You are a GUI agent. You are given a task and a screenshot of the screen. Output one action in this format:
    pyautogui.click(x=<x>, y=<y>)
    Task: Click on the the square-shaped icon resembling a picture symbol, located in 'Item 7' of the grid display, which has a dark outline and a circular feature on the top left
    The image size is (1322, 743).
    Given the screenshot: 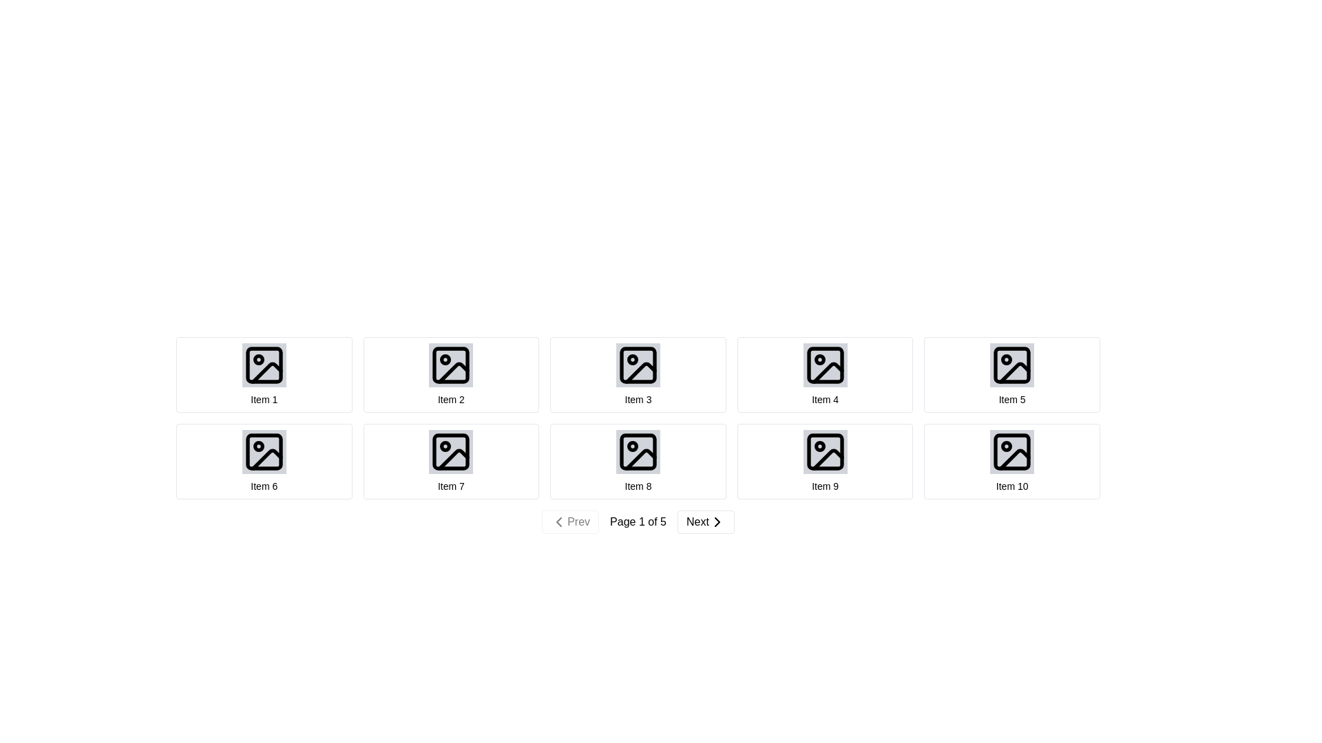 What is the action you would take?
    pyautogui.click(x=451, y=451)
    